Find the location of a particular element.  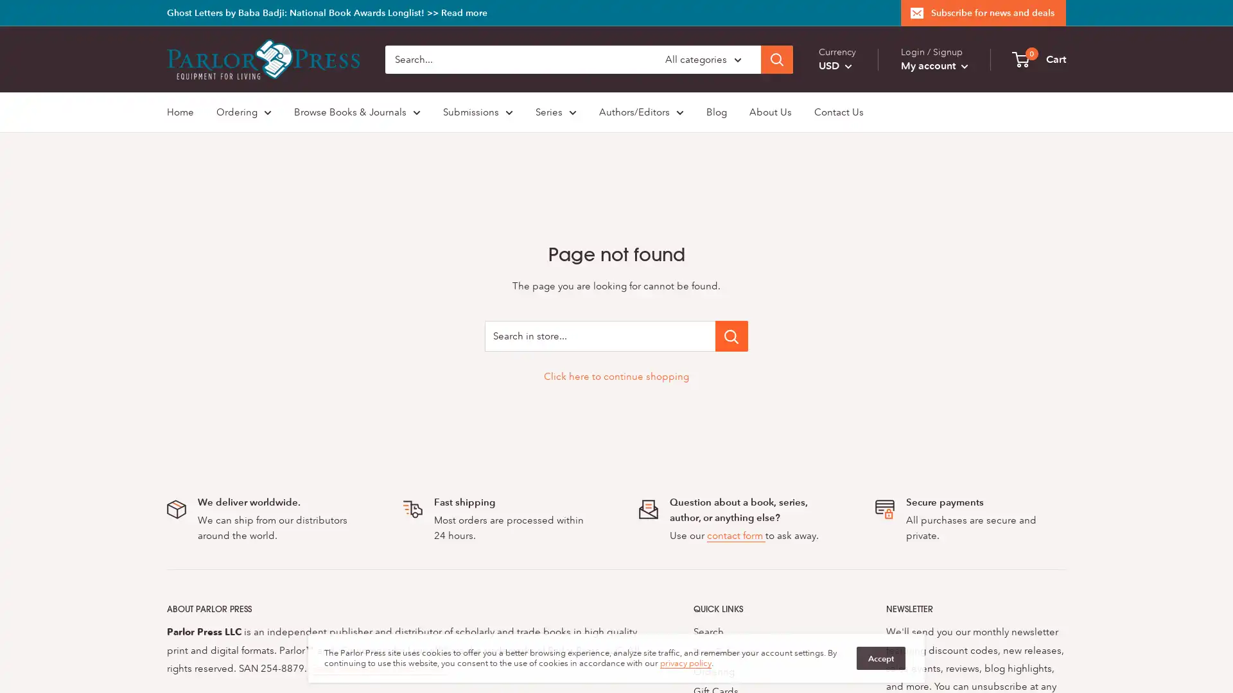

QUICK LINKS is located at coordinates (767, 608).